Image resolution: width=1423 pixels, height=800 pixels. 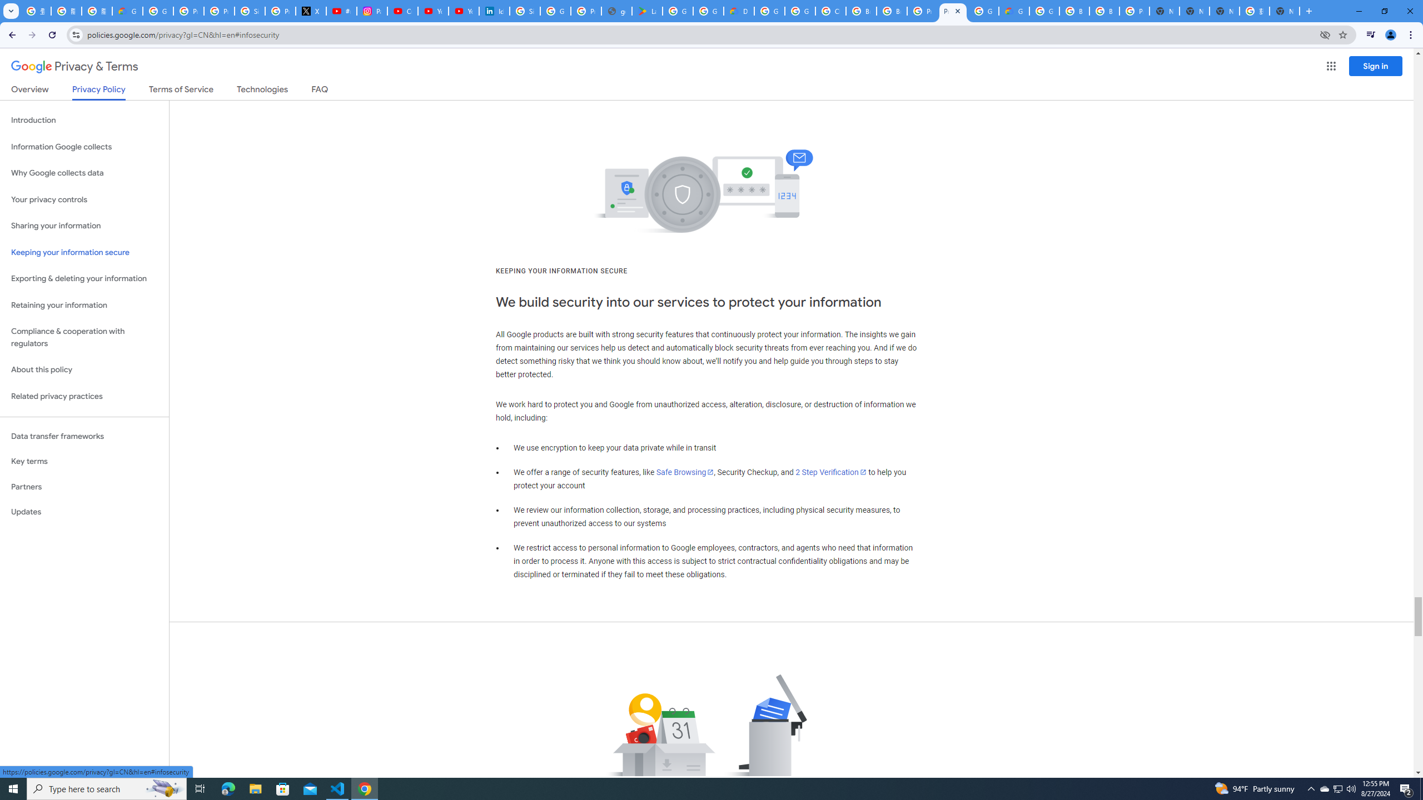 I want to click on 'Retaining your information', so click(x=84, y=305).